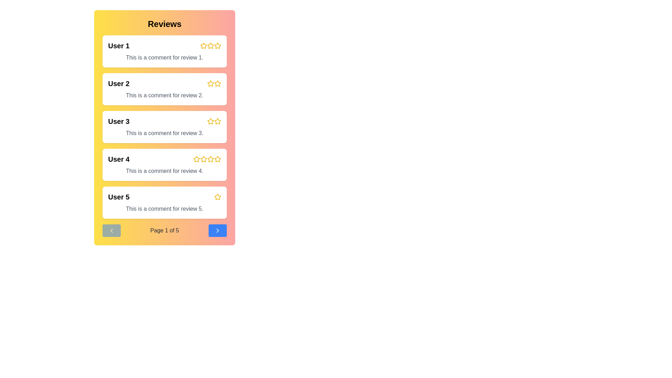 The width and height of the screenshot is (672, 378). What do you see at coordinates (164, 96) in the screenshot?
I see `the static text label displaying the comment from 'User 2' in their review card, located directly below the username and rating stars` at bounding box center [164, 96].